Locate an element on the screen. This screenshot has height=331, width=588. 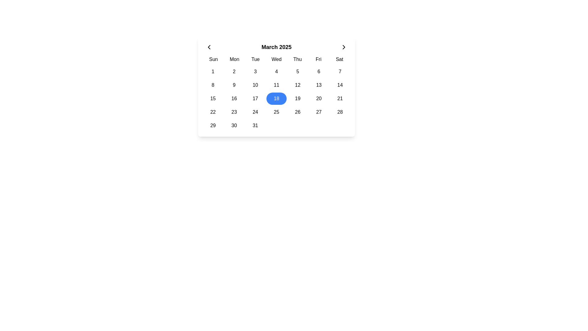
the button representing the 5th day of the month in the calendar, located under the 'Thu' column is located at coordinates (298, 71).